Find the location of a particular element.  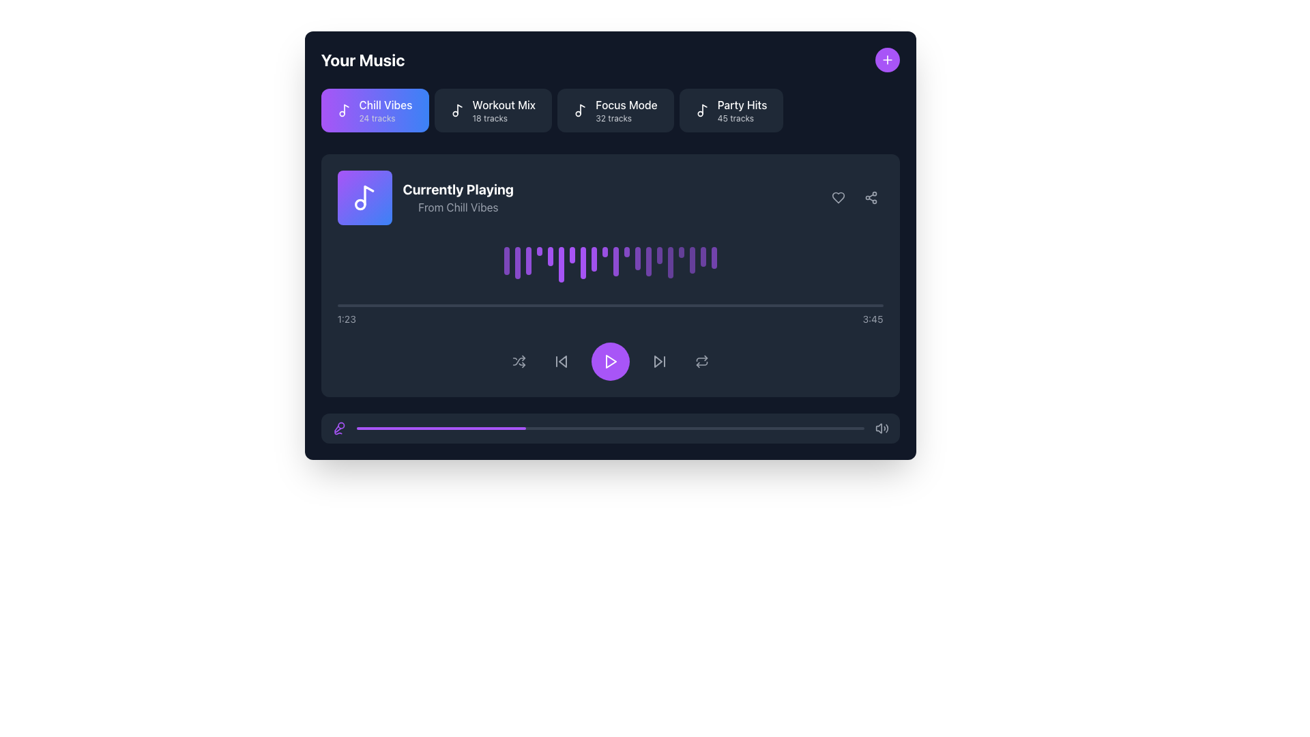

the eighteenth narrow vertical purple bar with rounded top and bottom in the waveform visualization is located at coordinates (703, 257).